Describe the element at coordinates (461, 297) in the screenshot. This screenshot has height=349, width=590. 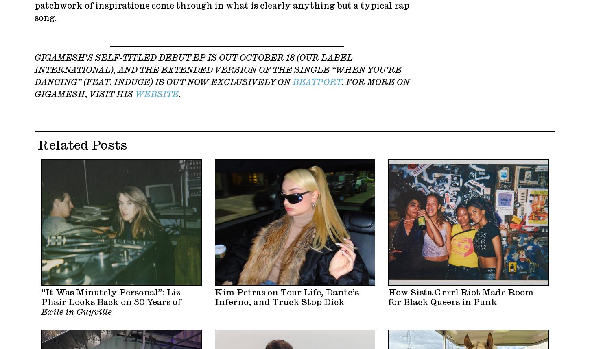
I see `'How Sista Grrrl Riot Made Room for Black Queers in Punk'` at that location.